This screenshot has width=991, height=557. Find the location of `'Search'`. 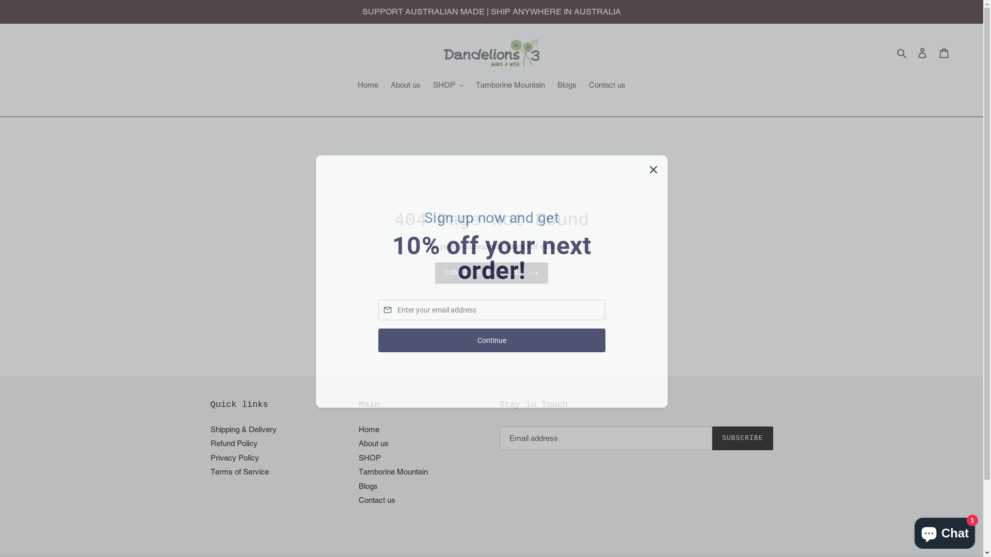

'Search' is located at coordinates (902, 53).